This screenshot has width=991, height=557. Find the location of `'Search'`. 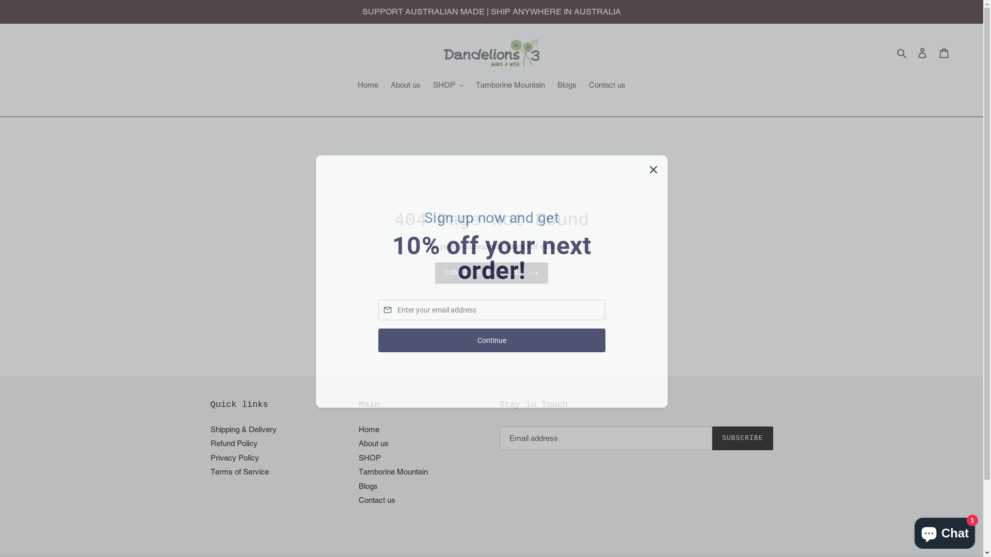

'Search' is located at coordinates (902, 53).